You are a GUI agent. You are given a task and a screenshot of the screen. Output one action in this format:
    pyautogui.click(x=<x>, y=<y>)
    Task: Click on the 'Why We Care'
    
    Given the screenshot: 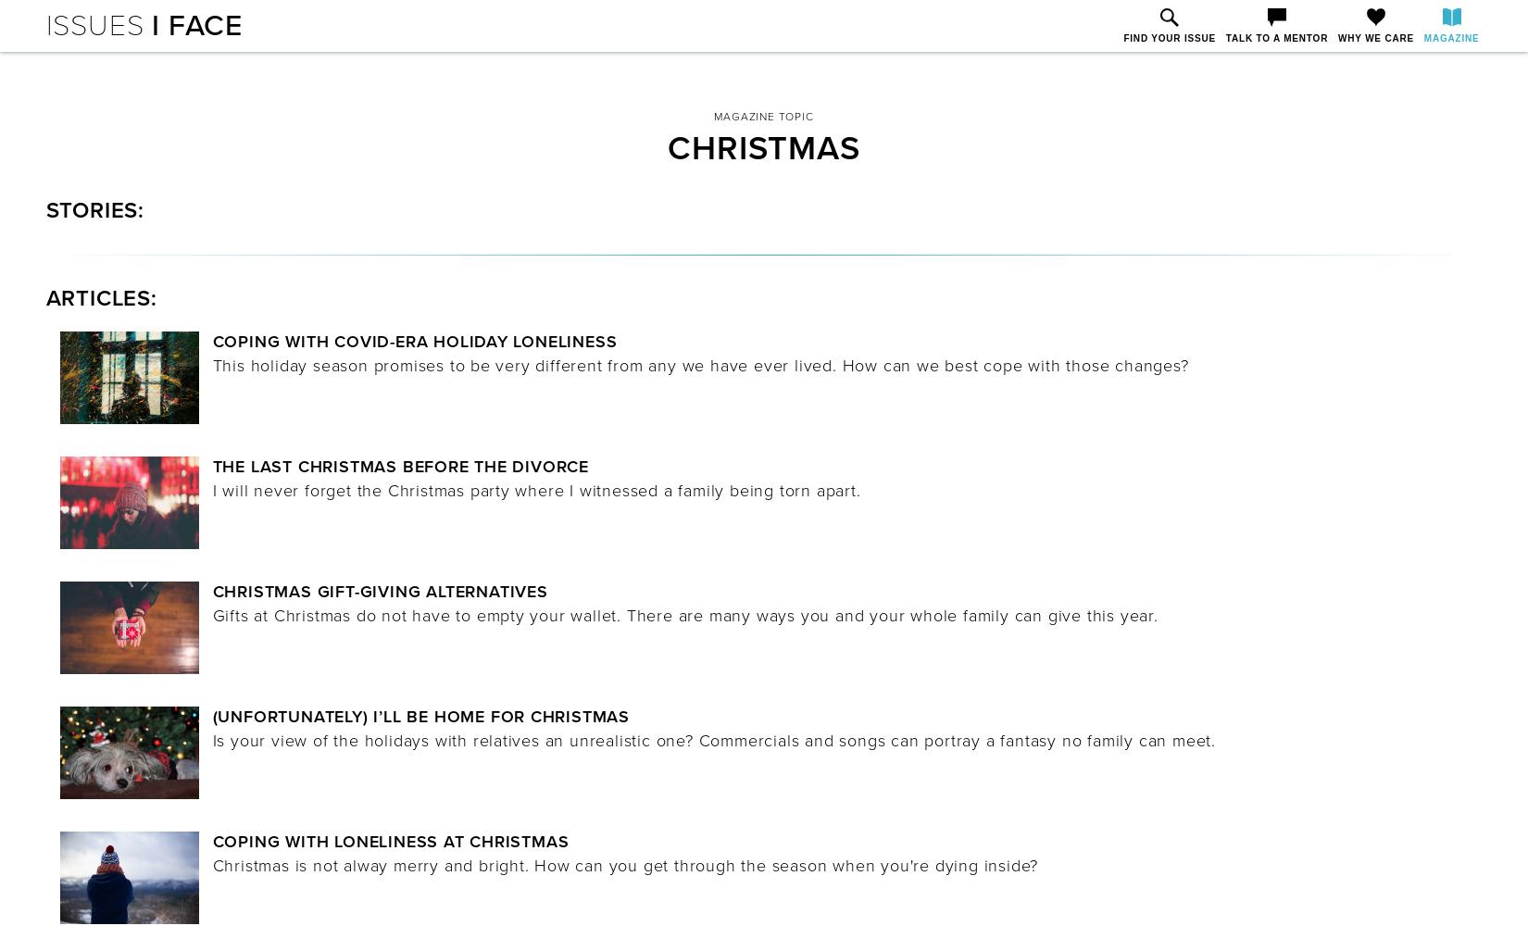 What is the action you would take?
    pyautogui.click(x=1374, y=38)
    